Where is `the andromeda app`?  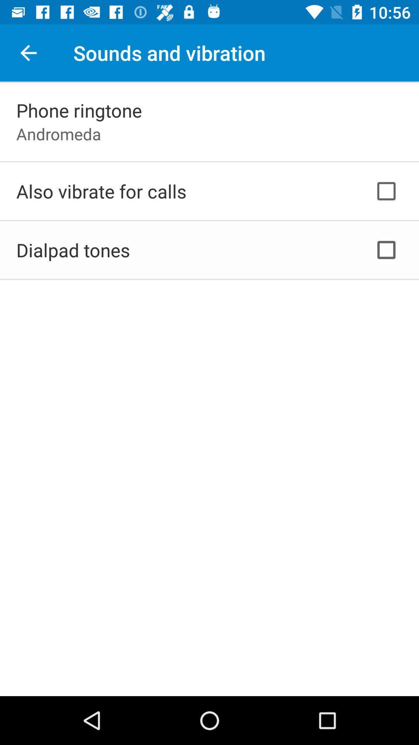 the andromeda app is located at coordinates (58, 134).